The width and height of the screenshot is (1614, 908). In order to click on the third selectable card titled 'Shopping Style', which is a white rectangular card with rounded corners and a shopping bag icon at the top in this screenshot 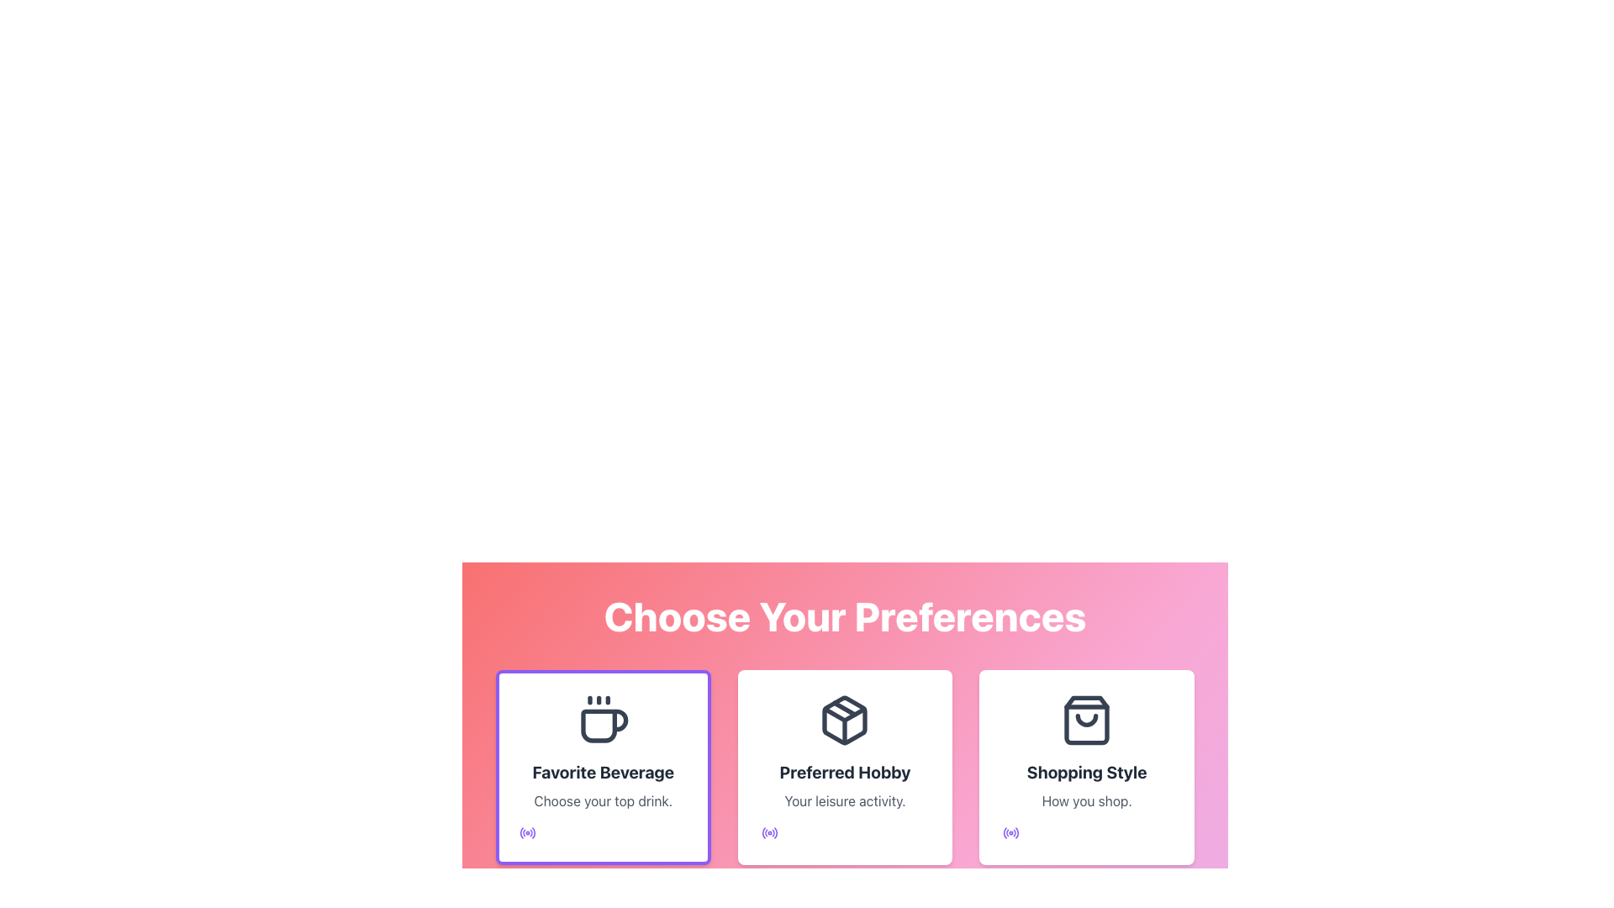, I will do `click(1087, 768)`.